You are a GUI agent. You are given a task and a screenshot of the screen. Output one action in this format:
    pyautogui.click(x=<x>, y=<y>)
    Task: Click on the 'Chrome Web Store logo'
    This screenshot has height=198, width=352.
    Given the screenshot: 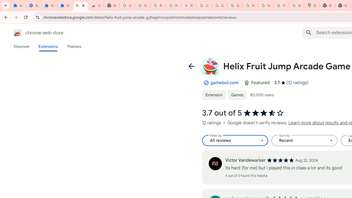 What is the action you would take?
    pyautogui.click(x=18, y=33)
    